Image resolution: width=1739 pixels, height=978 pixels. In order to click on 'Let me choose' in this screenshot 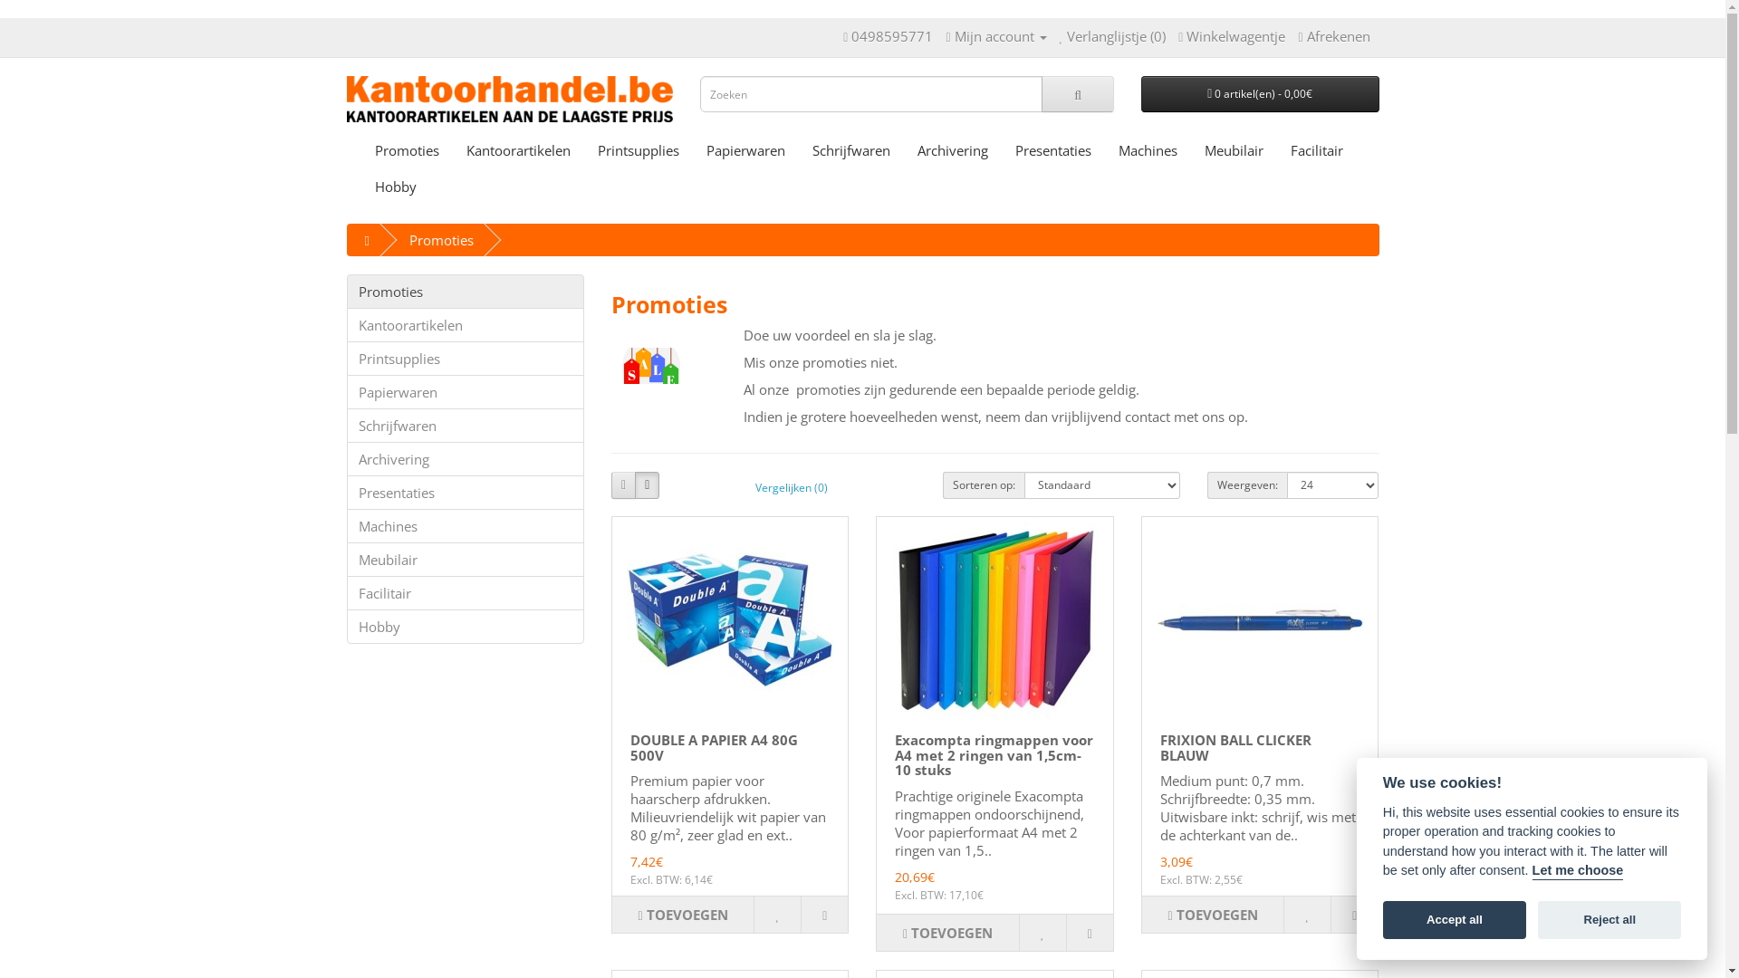, I will do `click(1530, 871)`.